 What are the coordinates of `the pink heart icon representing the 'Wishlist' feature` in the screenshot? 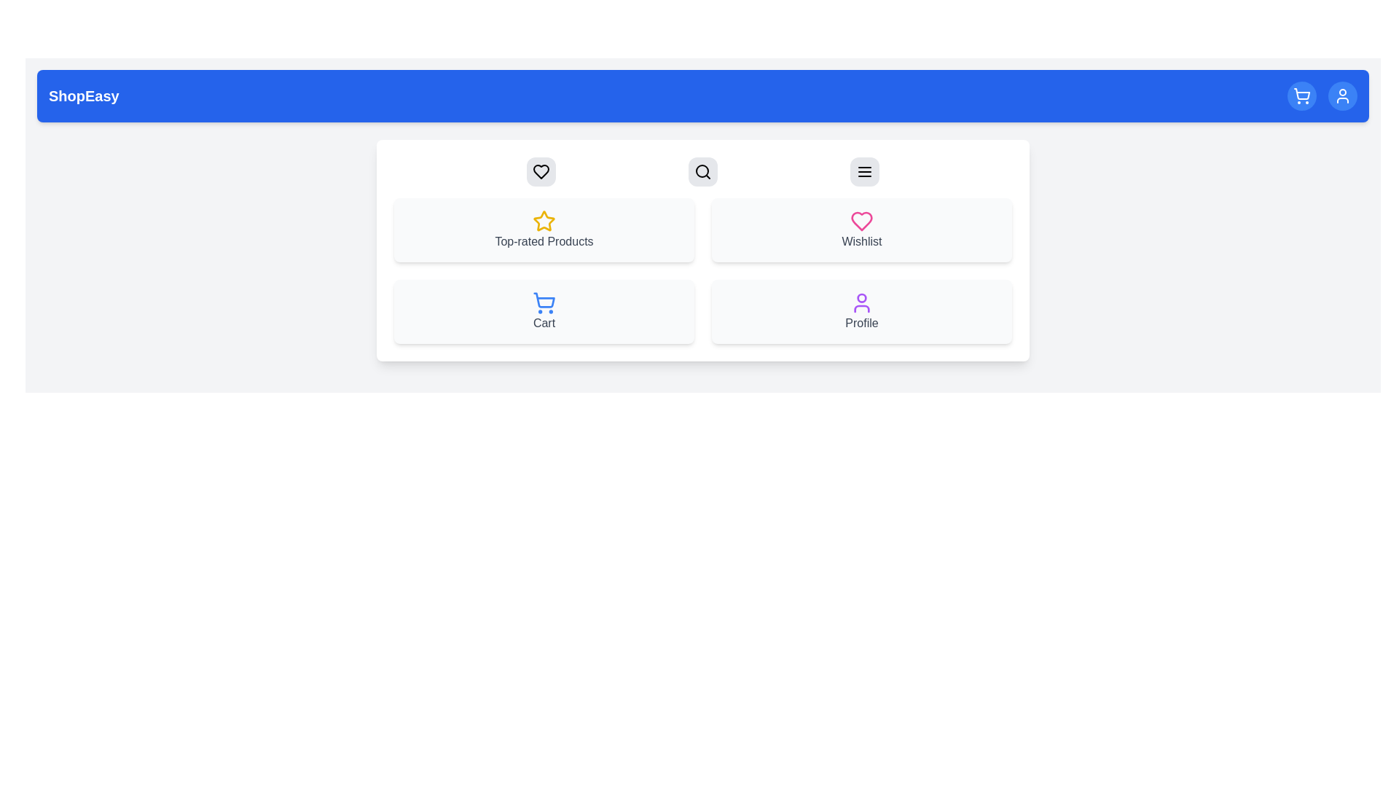 It's located at (861, 222).